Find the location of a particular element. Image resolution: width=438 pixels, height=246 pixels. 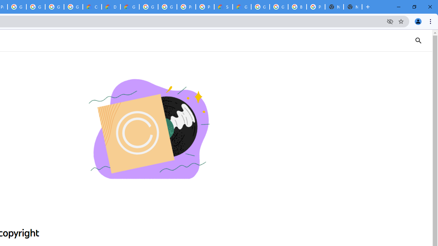

'New Tab' is located at coordinates (368, 7).